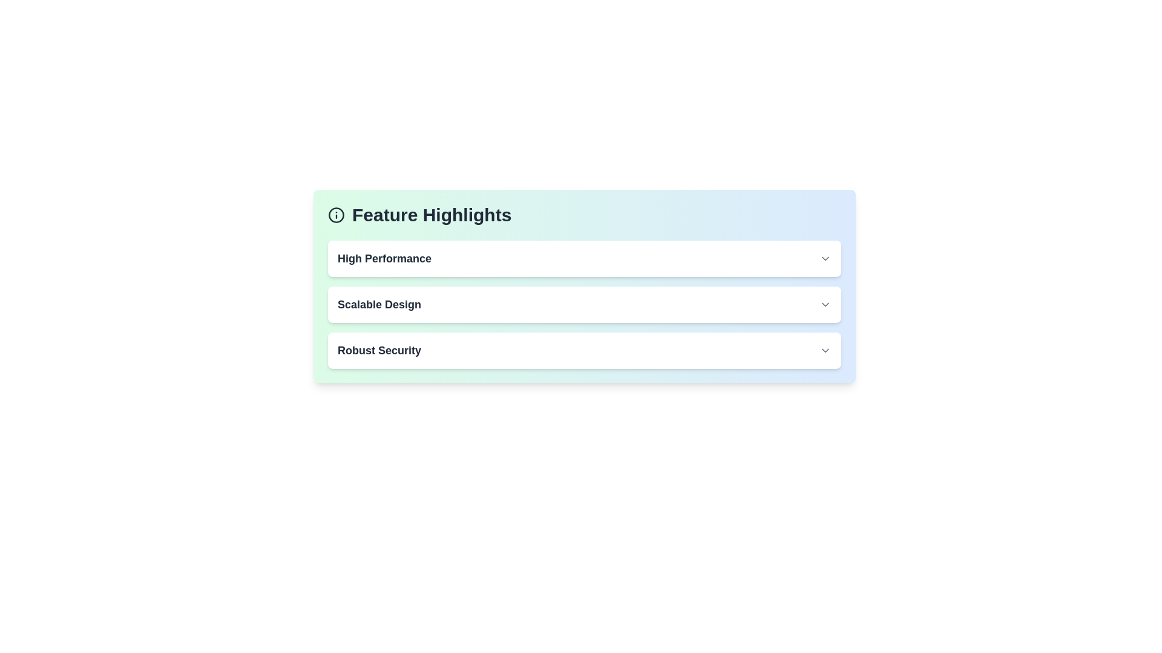 This screenshot has height=653, width=1162. I want to click on the 'High Performance' text label, which is the first item in the vertical list of features within the 'Feature Highlights' section, so click(384, 258).